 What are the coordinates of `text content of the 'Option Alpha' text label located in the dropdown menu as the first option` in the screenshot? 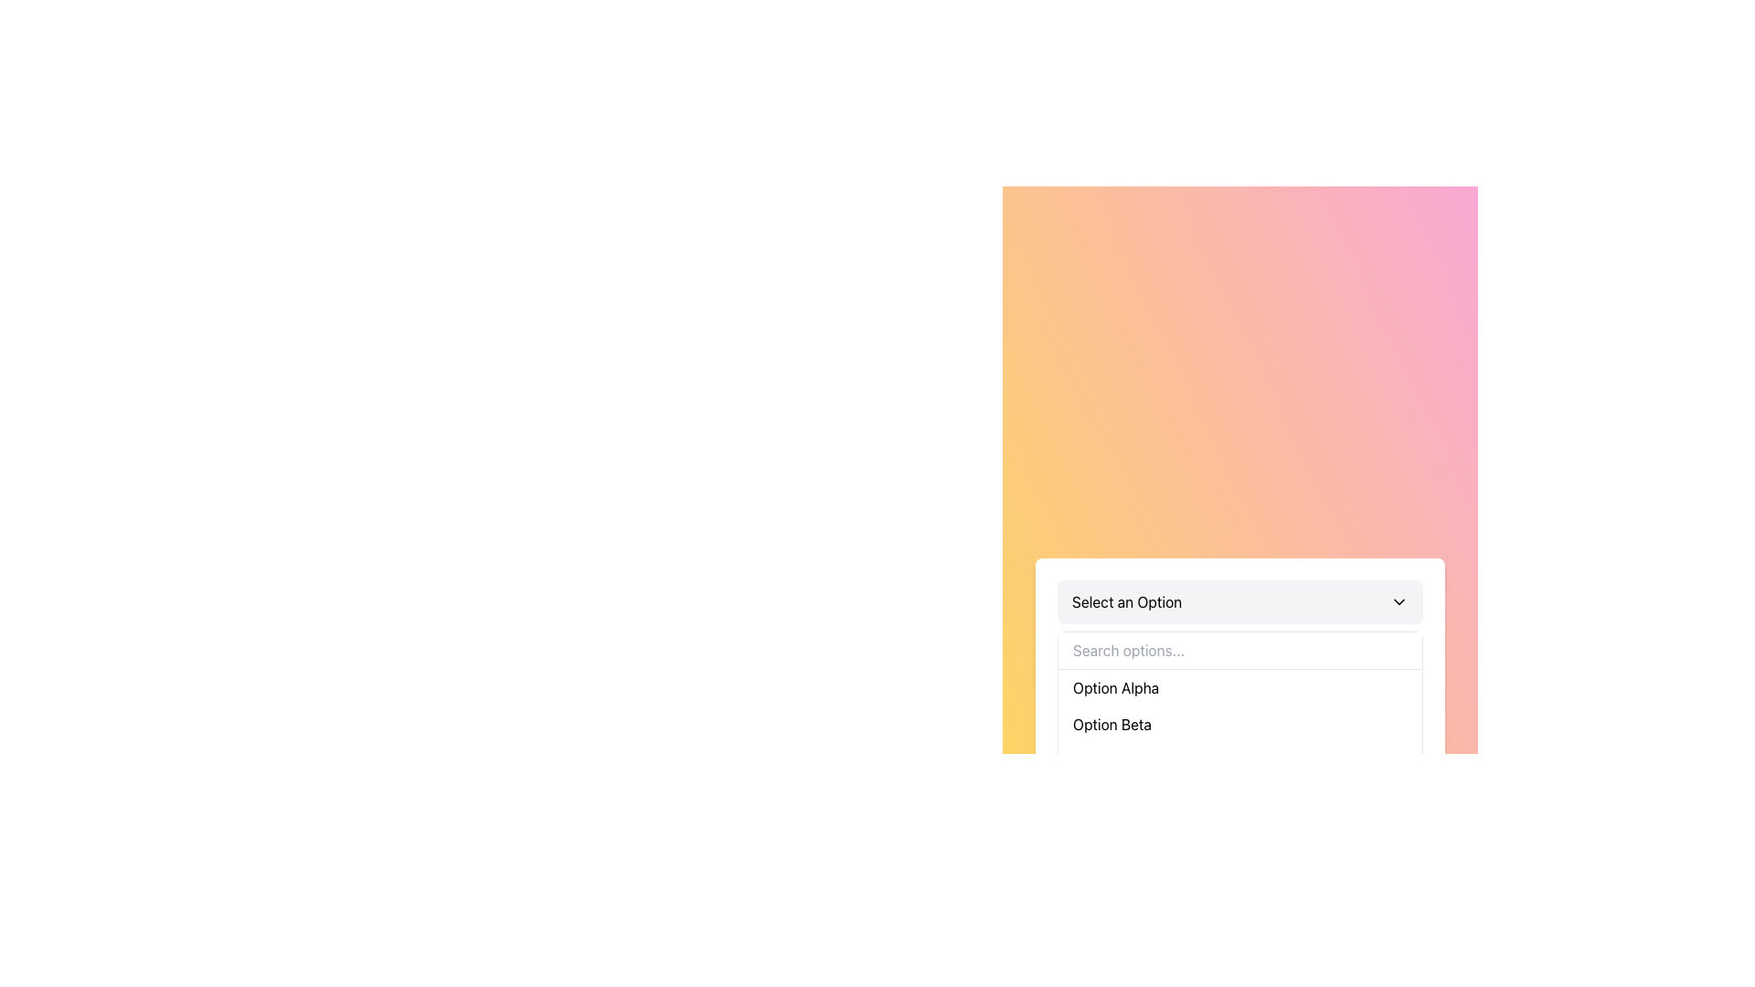 It's located at (1115, 687).